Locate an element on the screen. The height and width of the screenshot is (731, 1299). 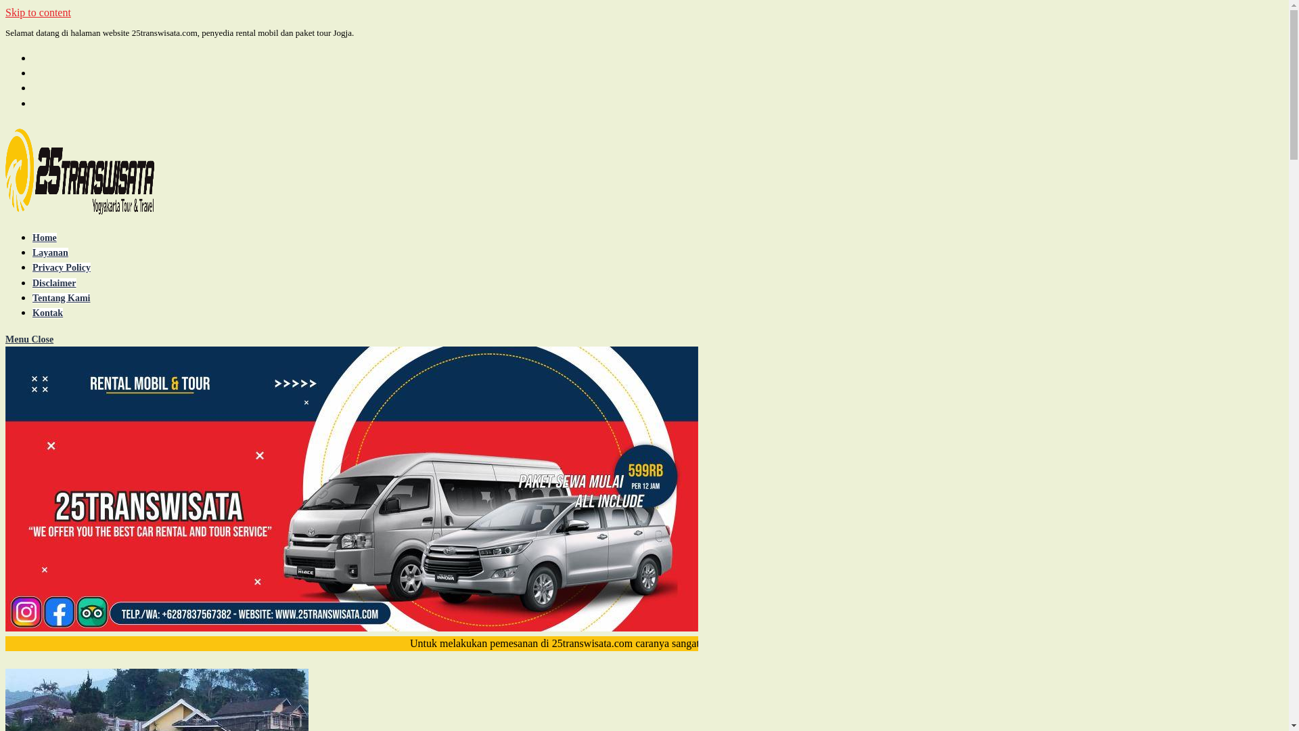
'Home' is located at coordinates (32, 237).